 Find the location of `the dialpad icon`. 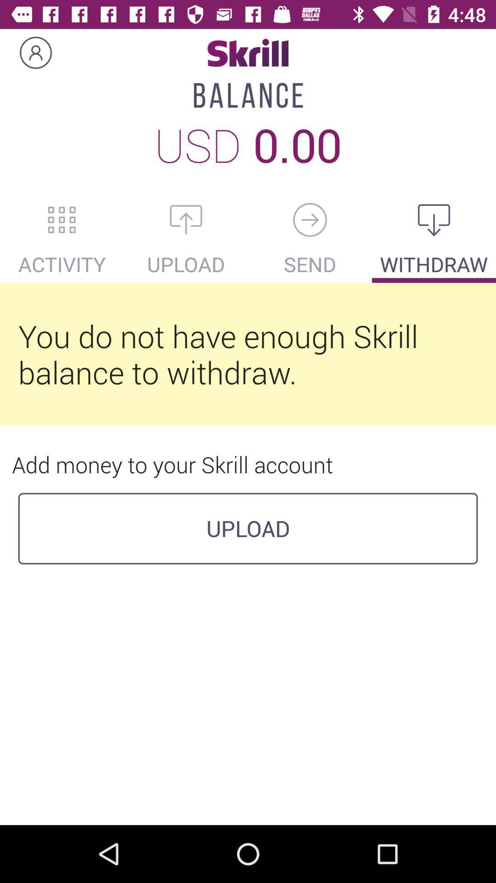

the dialpad icon is located at coordinates (62, 219).